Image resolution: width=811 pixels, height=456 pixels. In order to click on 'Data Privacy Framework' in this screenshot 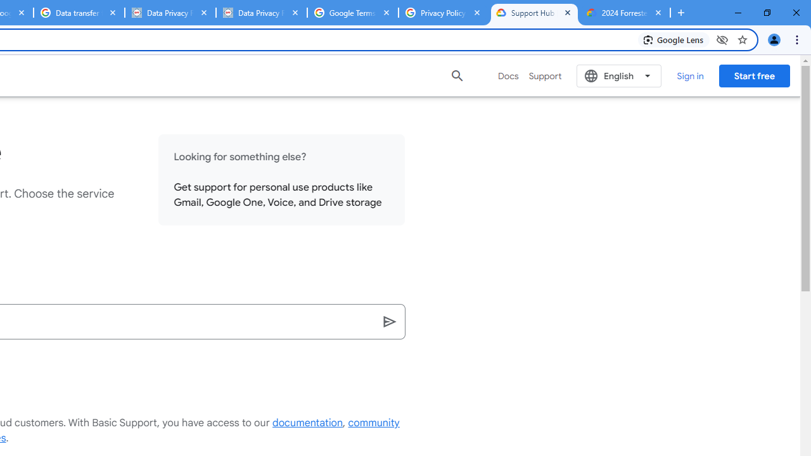, I will do `click(260, 13)`.